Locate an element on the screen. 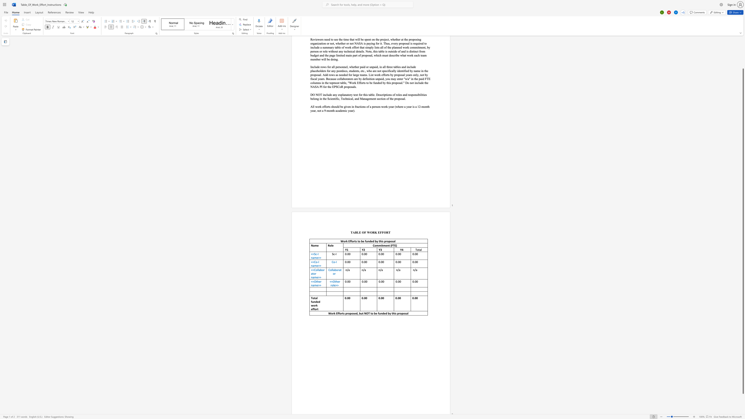  the scrollbar is located at coordinates (743, 65).